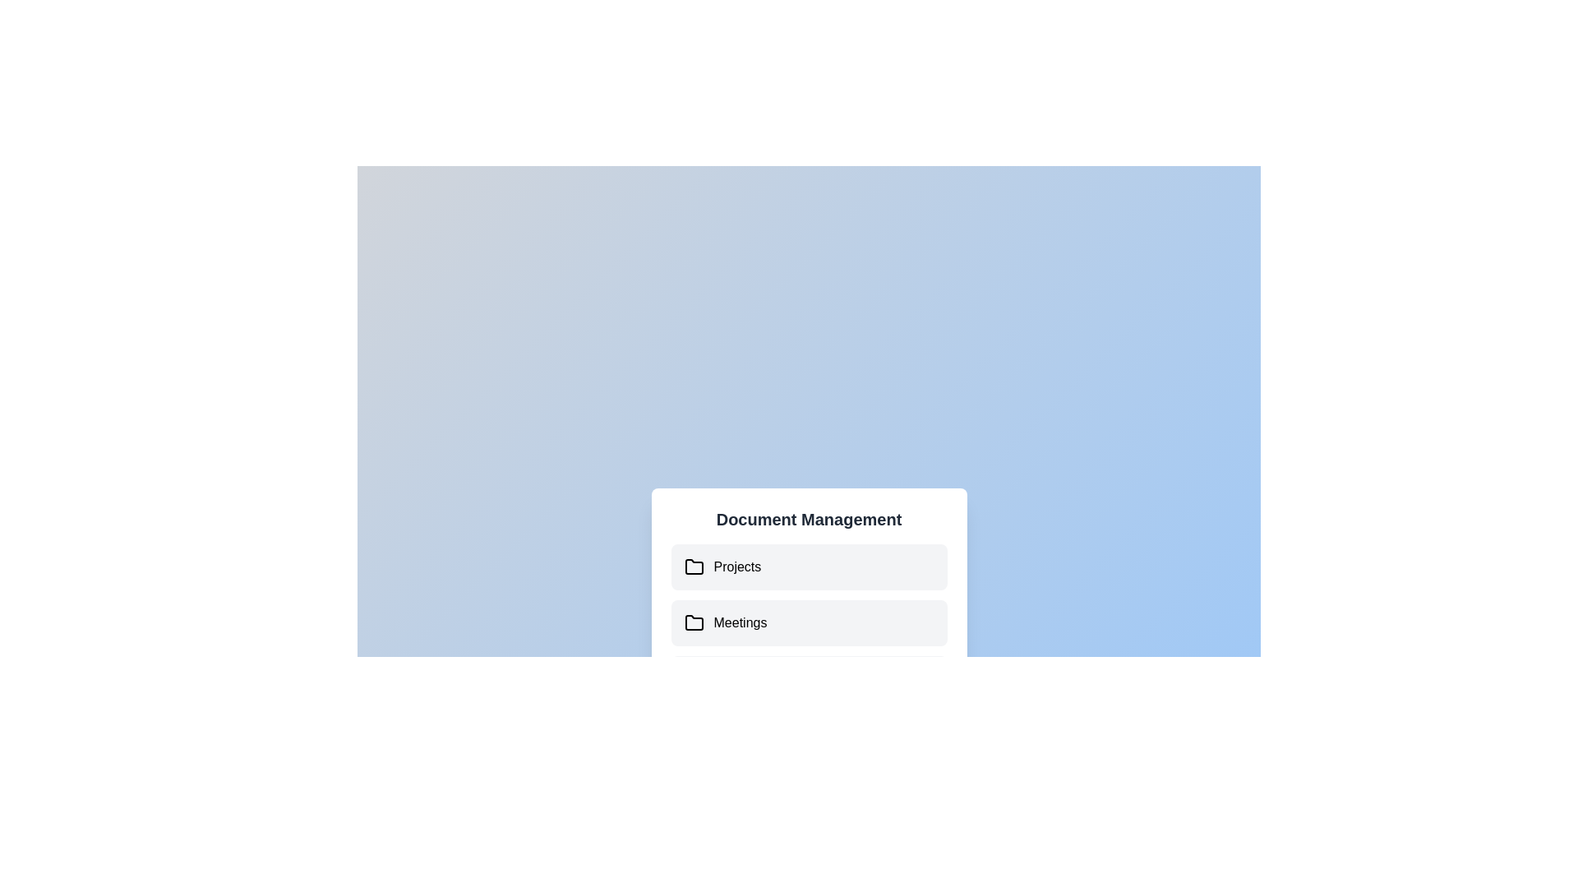  What do you see at coordinates (809, 678) in the screenshot?
I see `the document 'Meeting Notes.docx' under the folder 'Users'` at bounding box center [809, 678].